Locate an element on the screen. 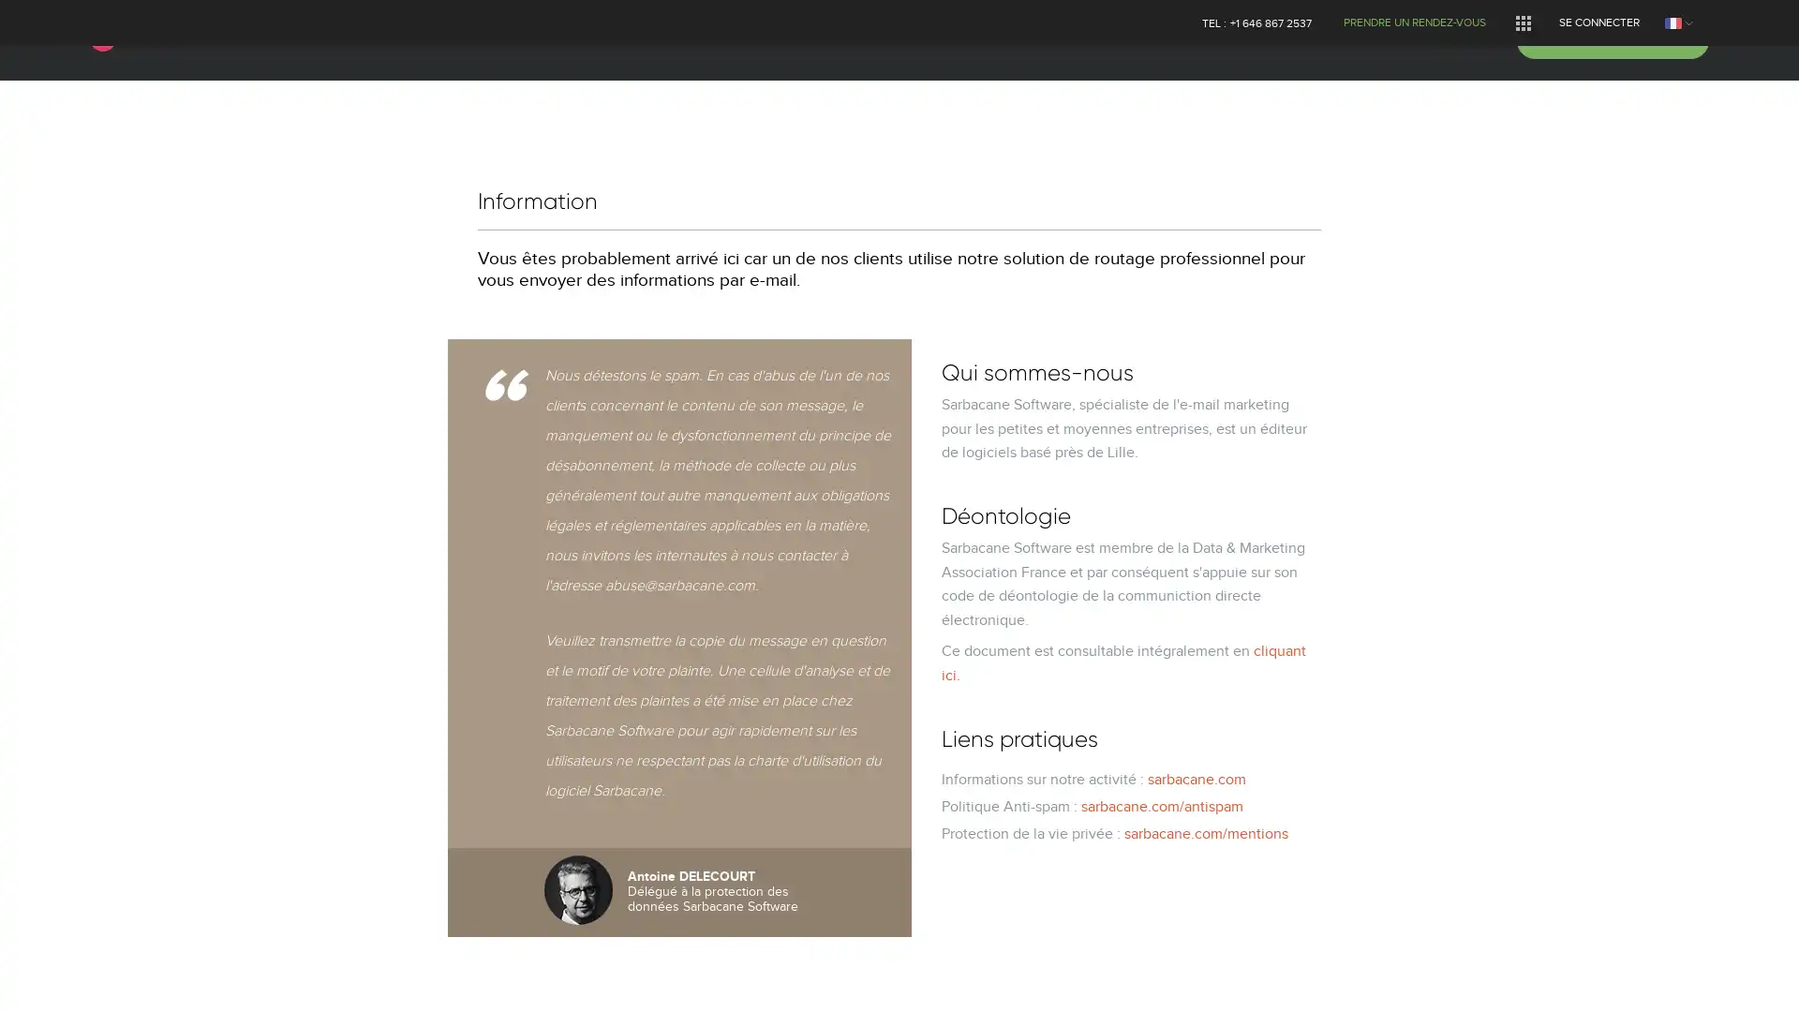  OK pour moi is located at coordinates (1048, 633).